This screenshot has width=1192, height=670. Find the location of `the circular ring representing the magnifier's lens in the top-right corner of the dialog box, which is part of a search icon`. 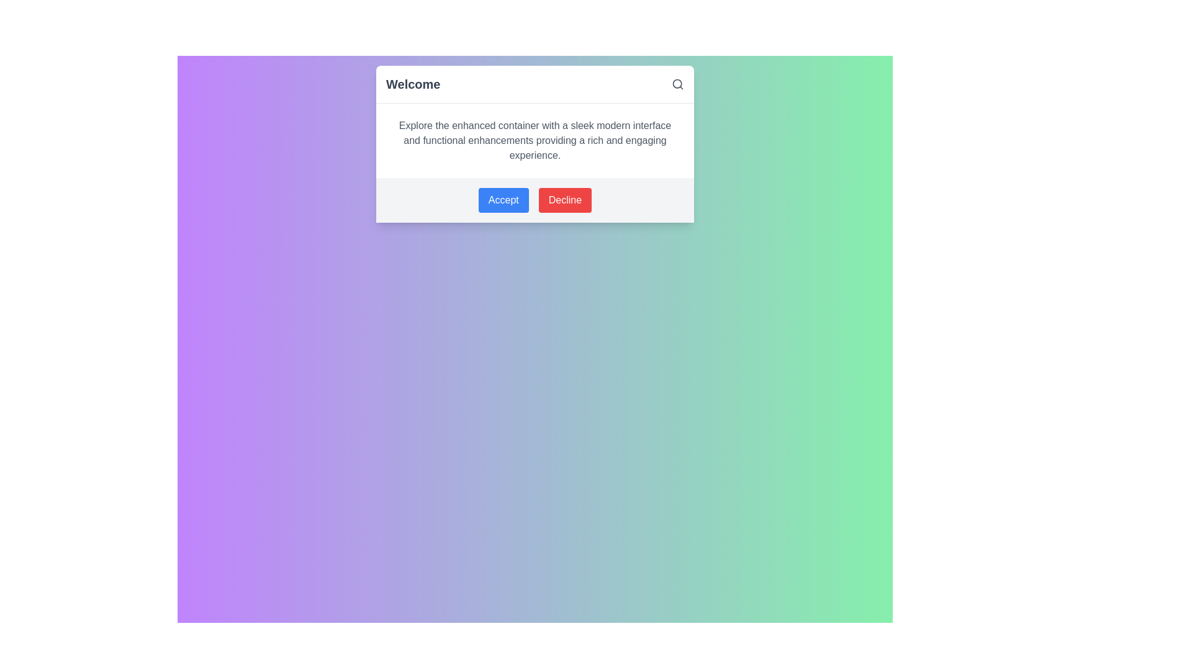

the circular ring representing the magnifier's lens in the top-right corner of the dialog box, which is part of a search icon is located at coordinates (677, 84).